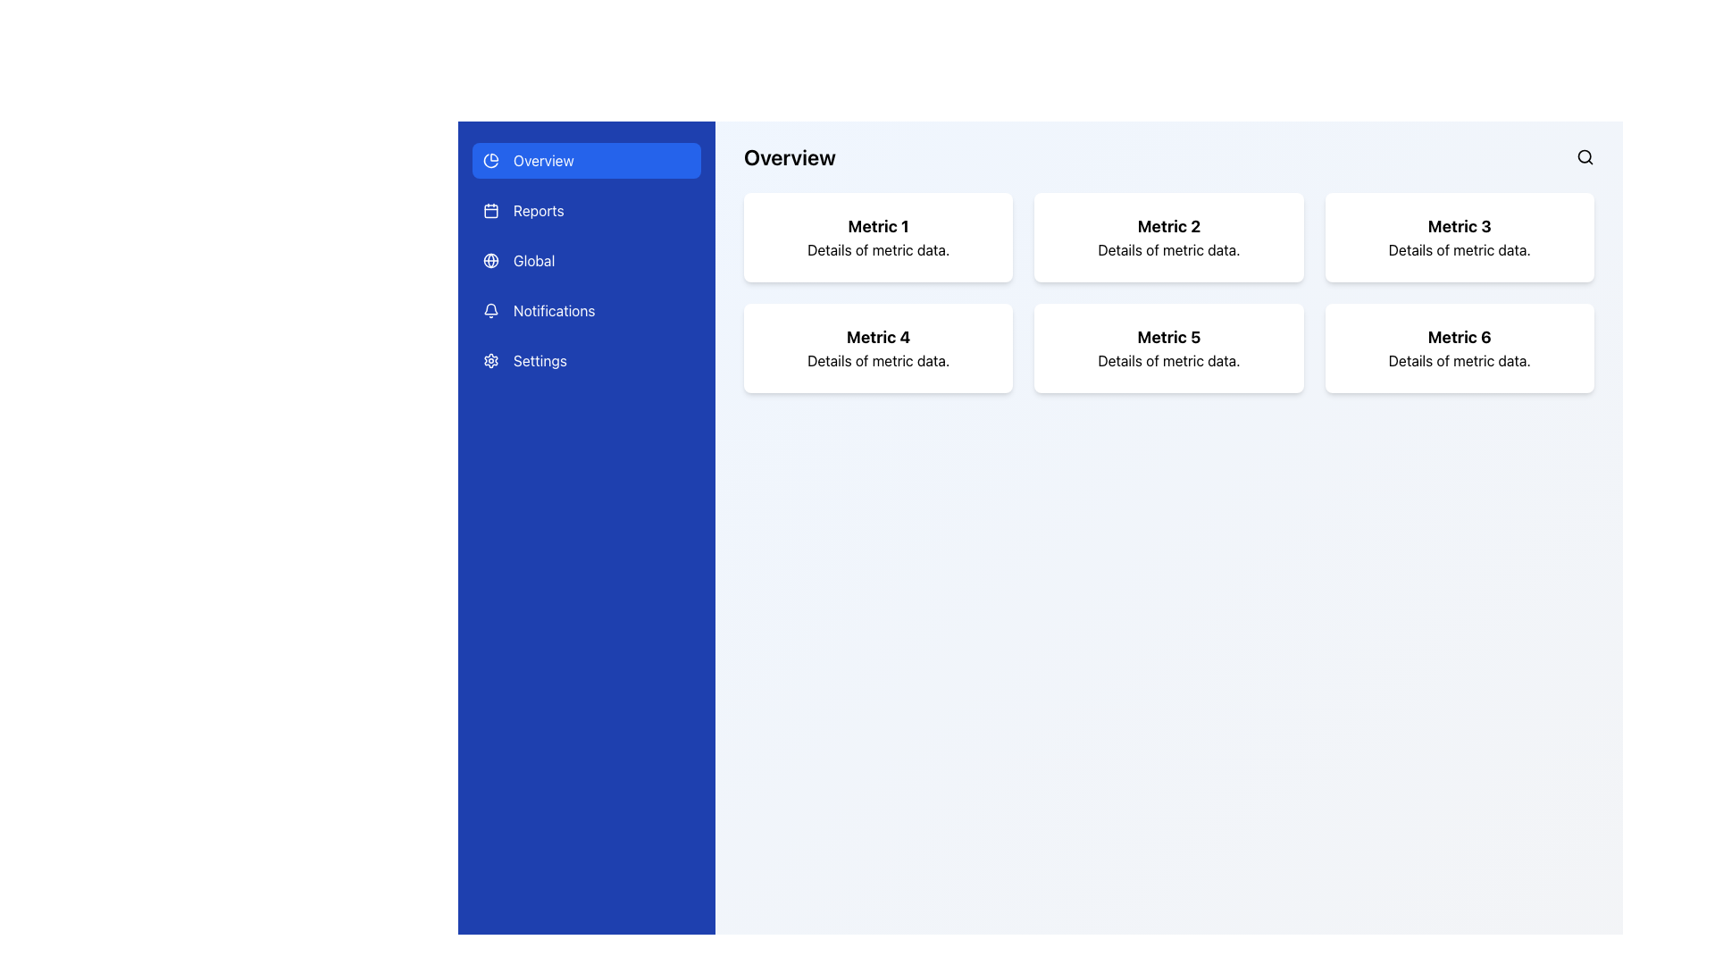  Describe the element at coordinates (539, 361) in the screenshot. I see `the 'Settings' text label in the left-side navigation menu` at that location.